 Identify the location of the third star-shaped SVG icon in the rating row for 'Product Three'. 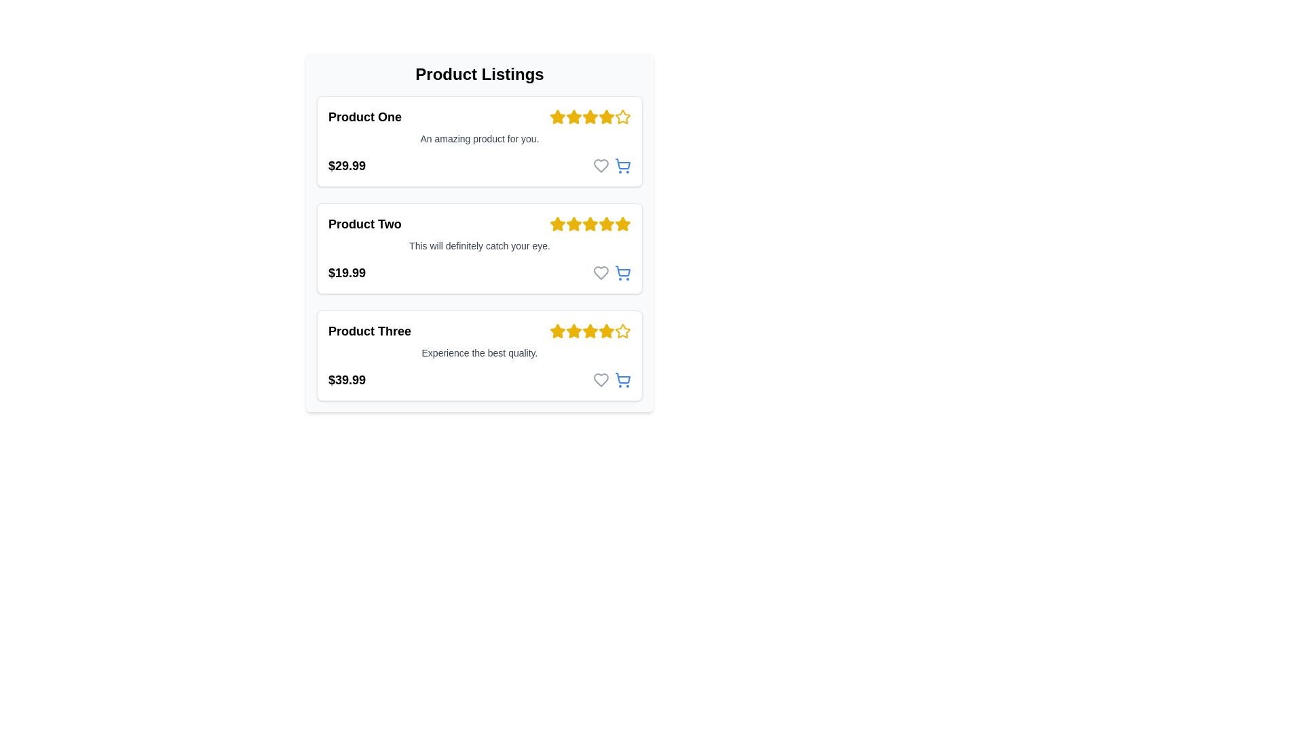
(557, 331).